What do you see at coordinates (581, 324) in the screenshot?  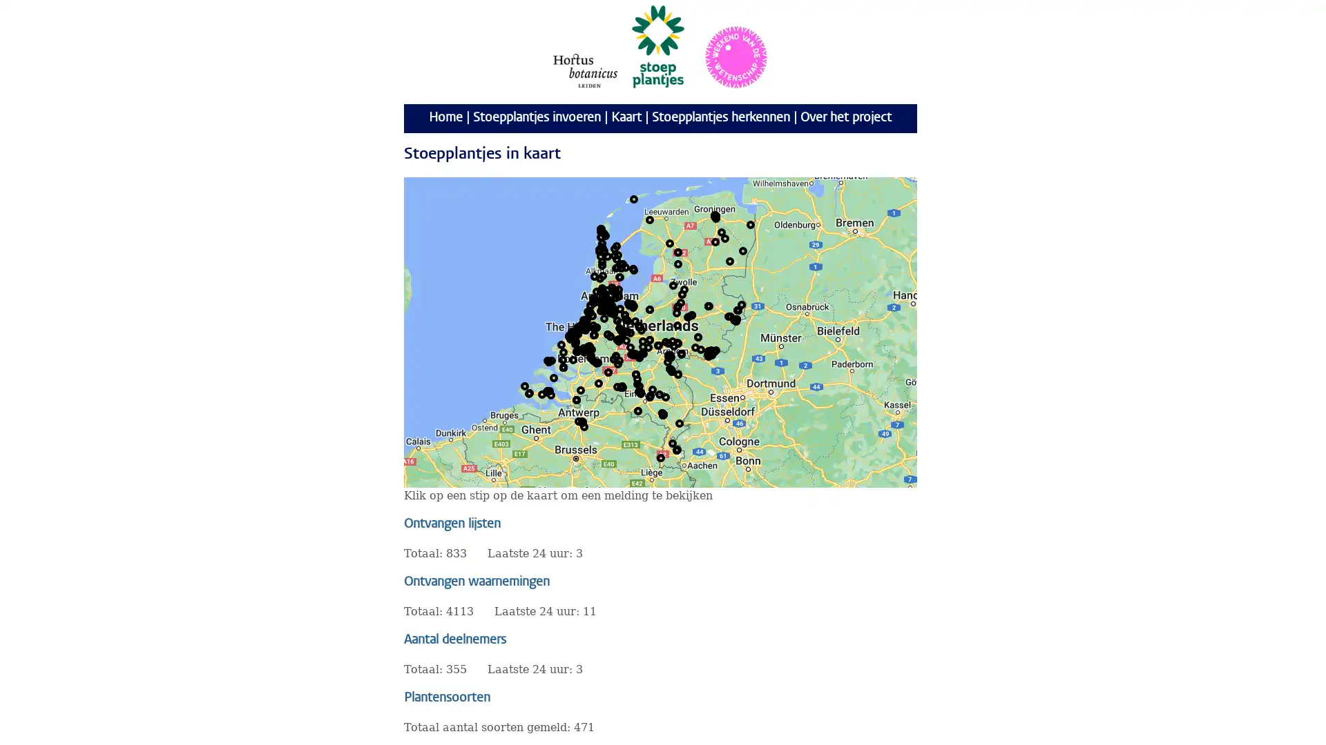 I see `Telling van Rrnske op 09 oktober 2021` at bounding box center [581, 324].